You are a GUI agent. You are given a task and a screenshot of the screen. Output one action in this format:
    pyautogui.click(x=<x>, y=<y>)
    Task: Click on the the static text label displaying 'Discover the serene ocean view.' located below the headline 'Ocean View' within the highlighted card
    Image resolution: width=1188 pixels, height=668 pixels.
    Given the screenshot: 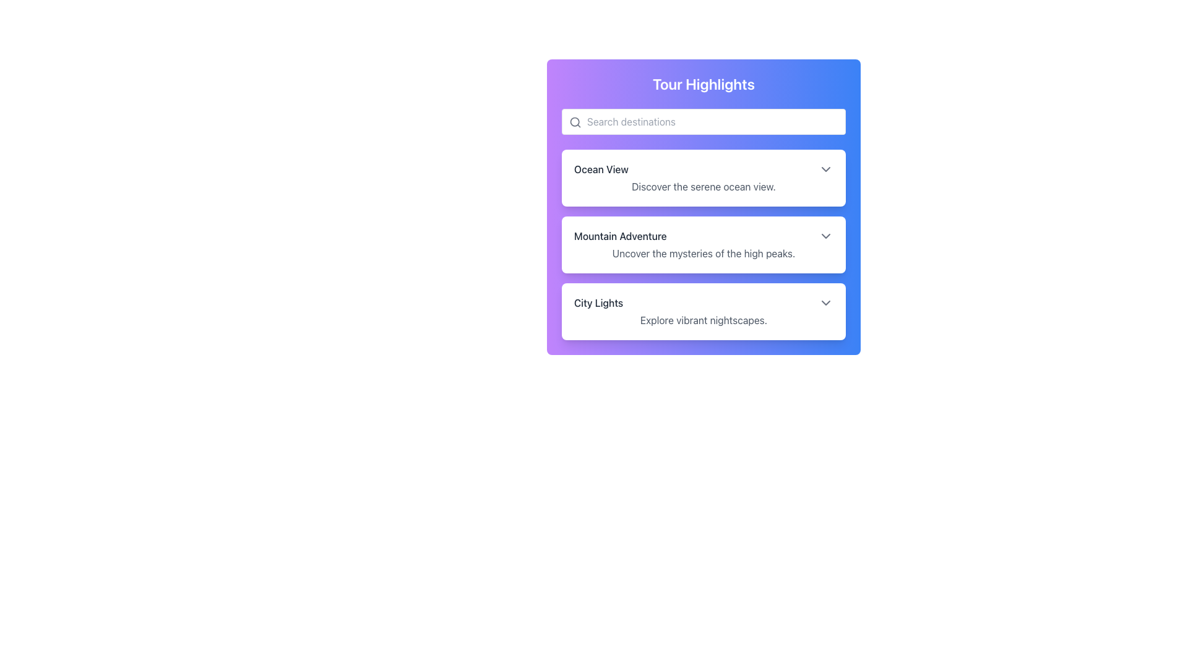 What is the action you would take?
    pyautogui.click(x=704, y=186)
    